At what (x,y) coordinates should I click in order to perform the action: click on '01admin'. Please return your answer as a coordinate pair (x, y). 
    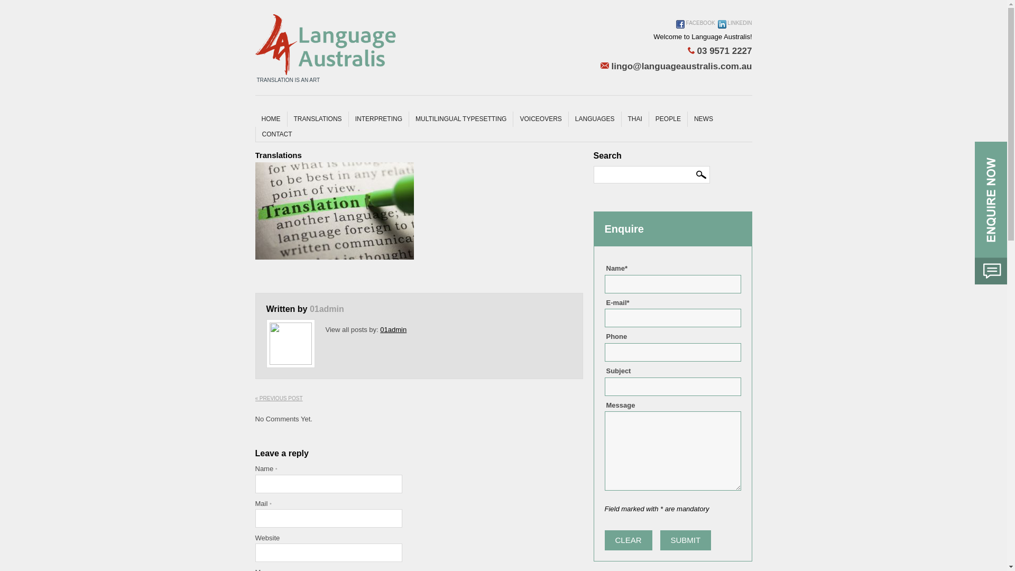
    Looking at the image, I should click on (380, 329).